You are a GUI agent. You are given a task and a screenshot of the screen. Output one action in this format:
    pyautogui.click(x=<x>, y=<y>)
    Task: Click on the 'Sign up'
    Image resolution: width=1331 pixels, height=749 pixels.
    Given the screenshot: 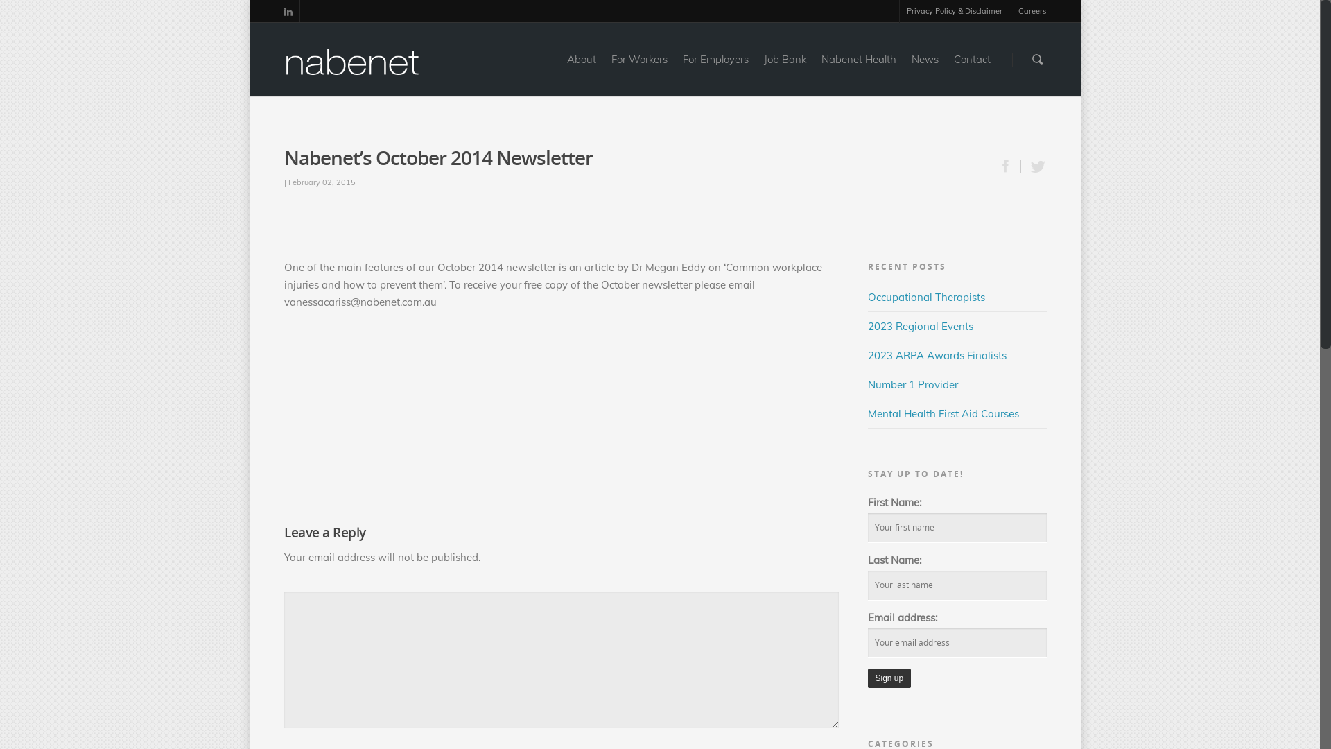 What is the action you would take?
    pyautogui.click(x=889, y=678)
    